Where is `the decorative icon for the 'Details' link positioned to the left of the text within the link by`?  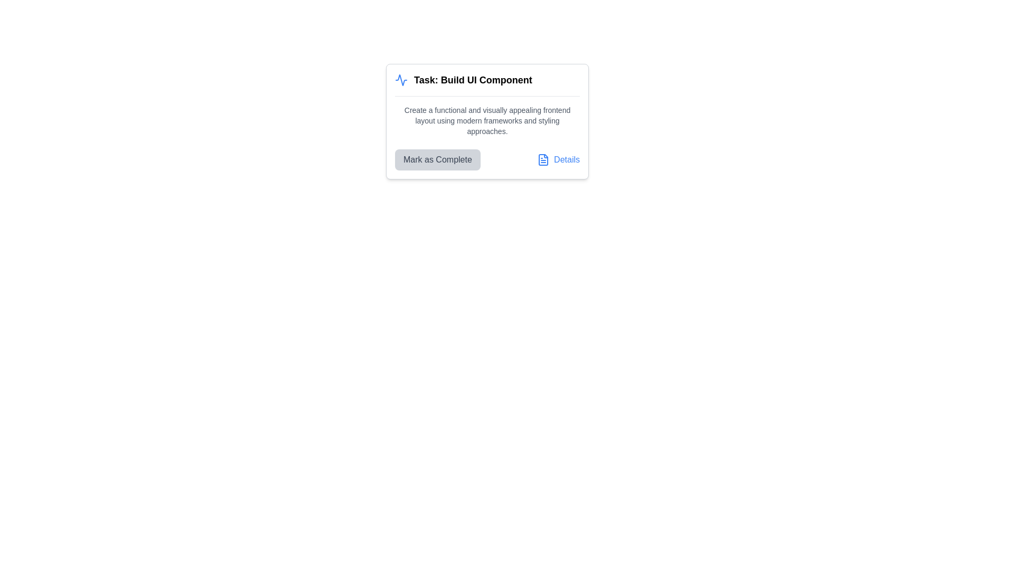 the decorative icon for the 'Details' link positioned to the left of the text within the link by is located at coordinates (543, 160).